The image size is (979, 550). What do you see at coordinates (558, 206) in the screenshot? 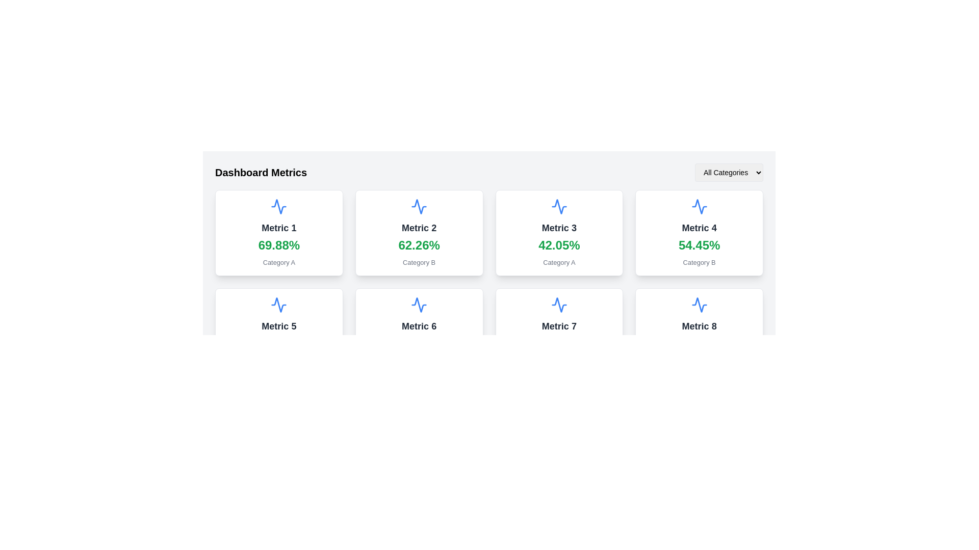
I see `the blue waveform icon located at the top of the Metric 3 data card, which is styled with rounded edges and a white background` at bounding box center [558, 206].